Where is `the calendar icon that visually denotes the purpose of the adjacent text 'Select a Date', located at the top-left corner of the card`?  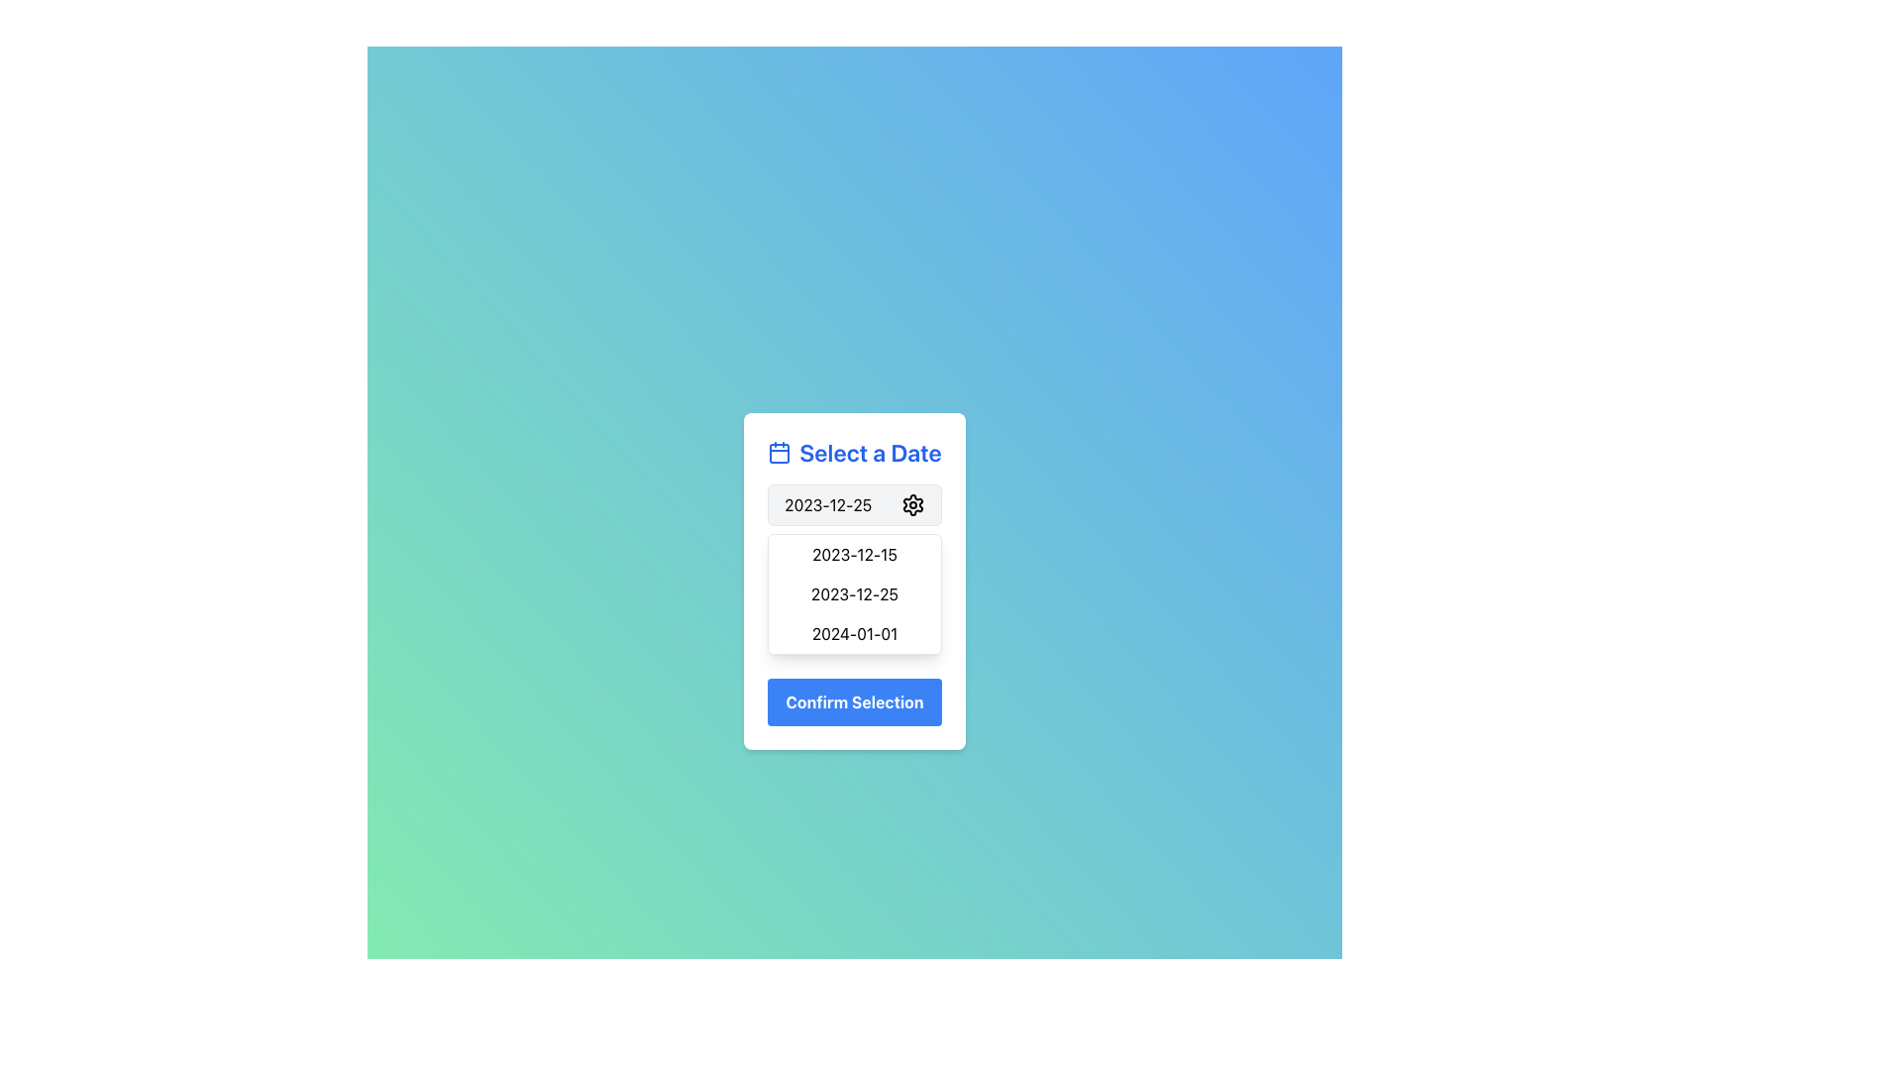 the calendar icon that visually denotes the purpose of the adjacent text 'Select a Date', located at the top-left corner of the card is located at coordinates (779, 452).